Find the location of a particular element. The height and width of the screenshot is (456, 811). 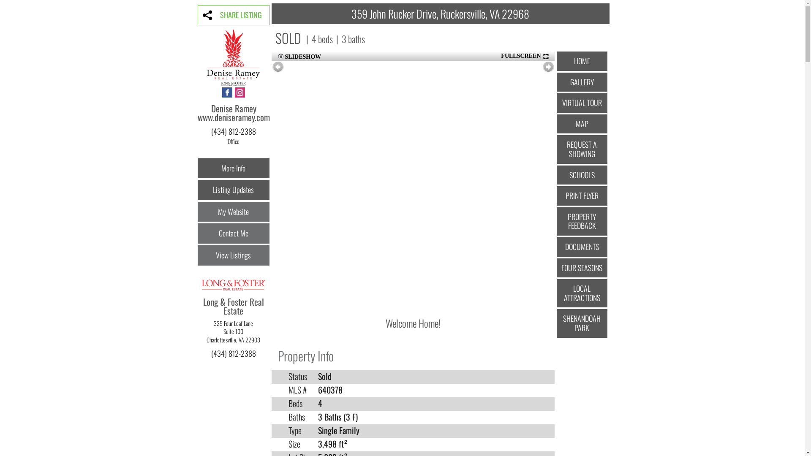

'FOUR SEASONS' is located at coordinates (557, 268).